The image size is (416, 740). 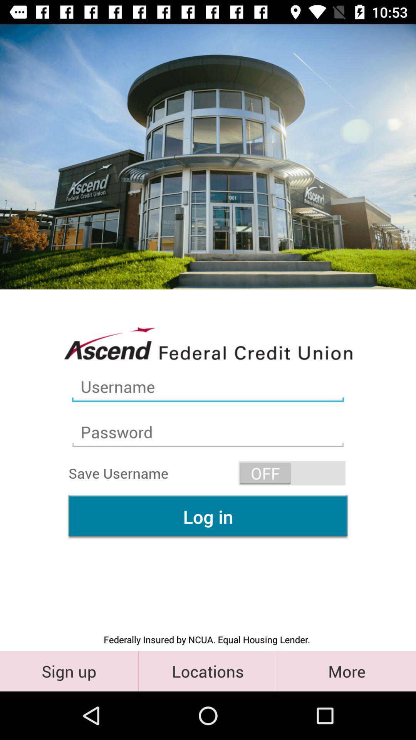 What do you see at coordinates (207, 671) in the screenshot?
I see `the button next to sing in` at bounding box center [207, 671].